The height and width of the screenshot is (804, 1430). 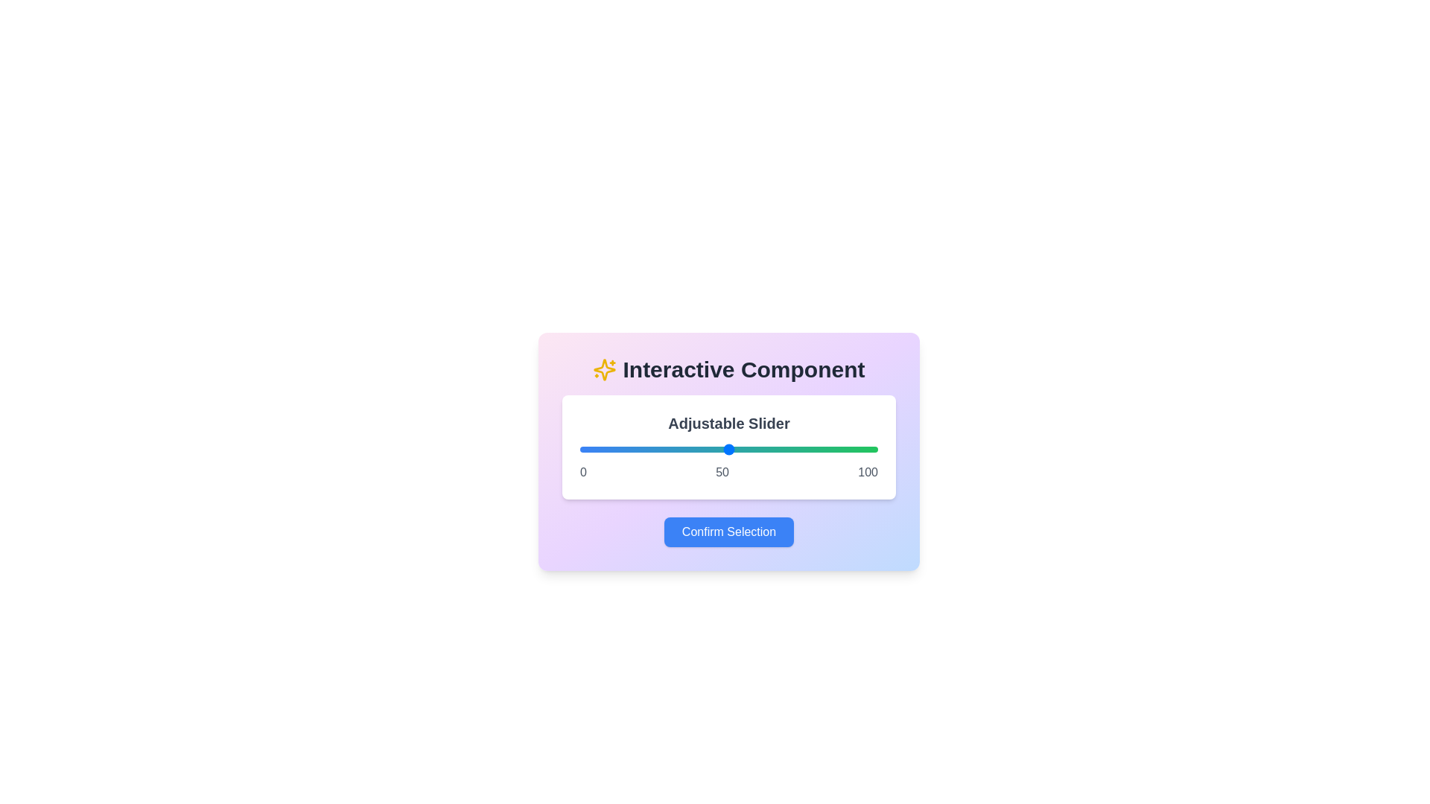 I want to click on the slider to set its value to 55, so click(x=743, y=449).